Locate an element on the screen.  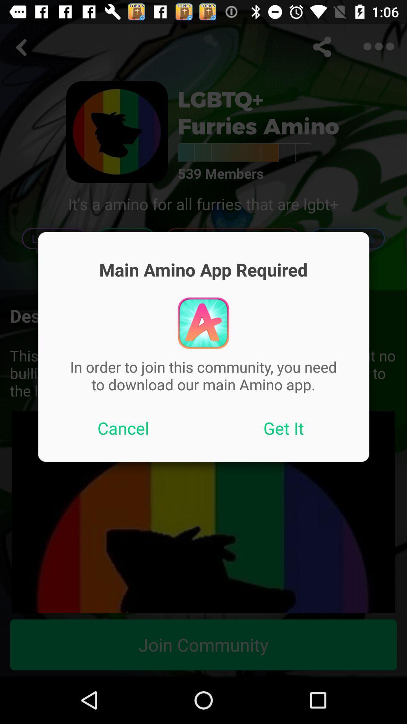
icon on the right is located at coordinates (284, 428).